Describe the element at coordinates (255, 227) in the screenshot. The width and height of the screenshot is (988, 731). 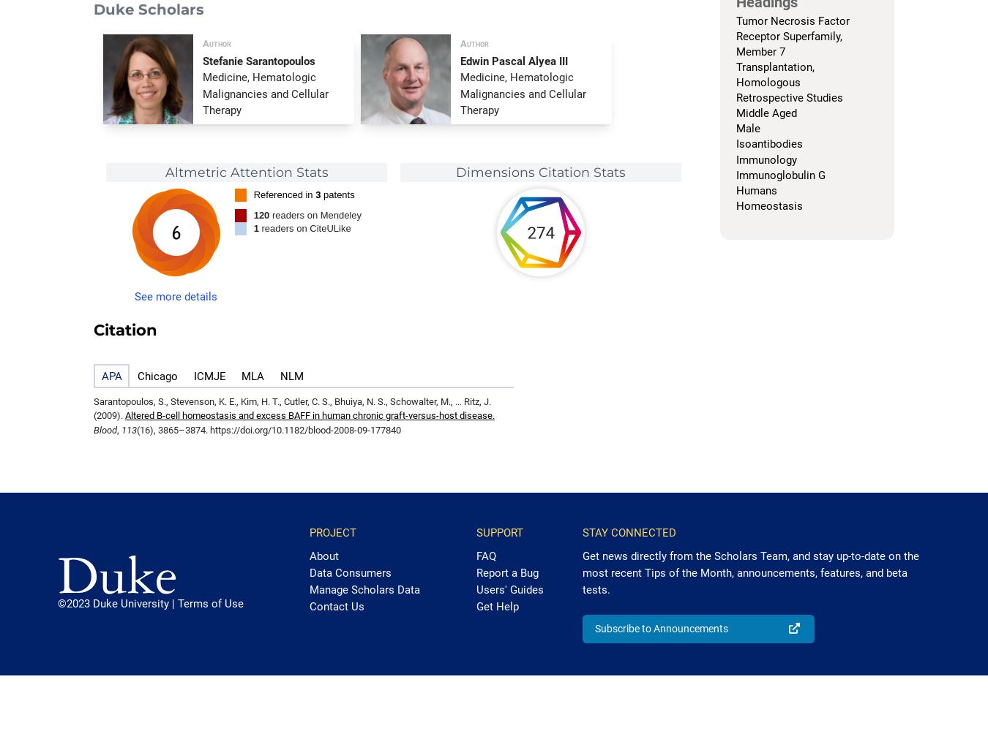
I see `'1'` at that location.